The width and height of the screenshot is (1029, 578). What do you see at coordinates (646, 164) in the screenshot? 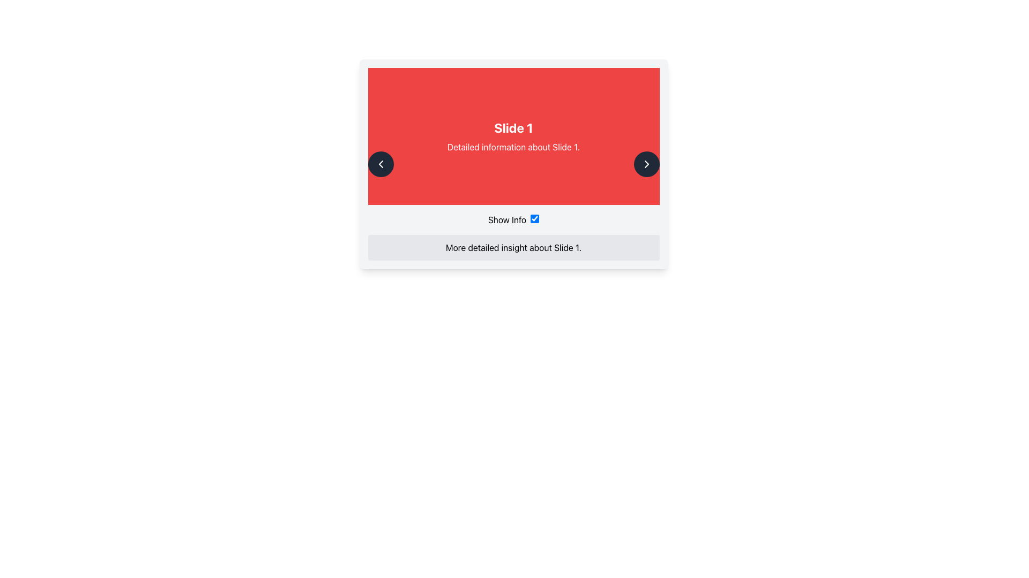
I see `the rightward-pointing chevron arrow icon button with a black circular background in the top right section of the card interface for accessibility purposes` at bounding box center [646, 164].